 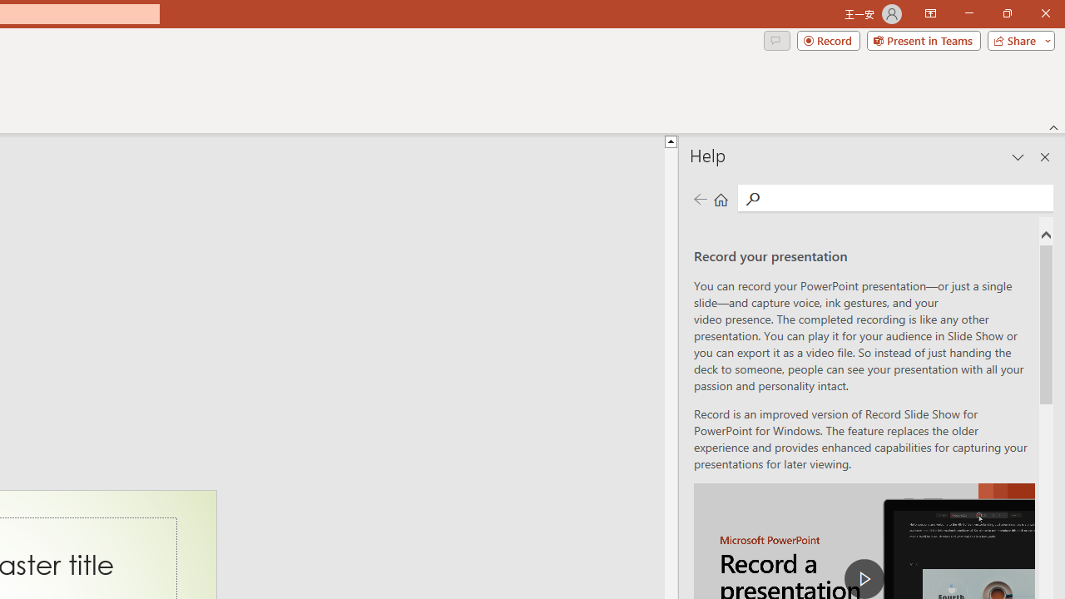 What do you see at coordinates (700, 198) in the screenshot?
I see `'Previous page'` at bounding box center [700, 198].